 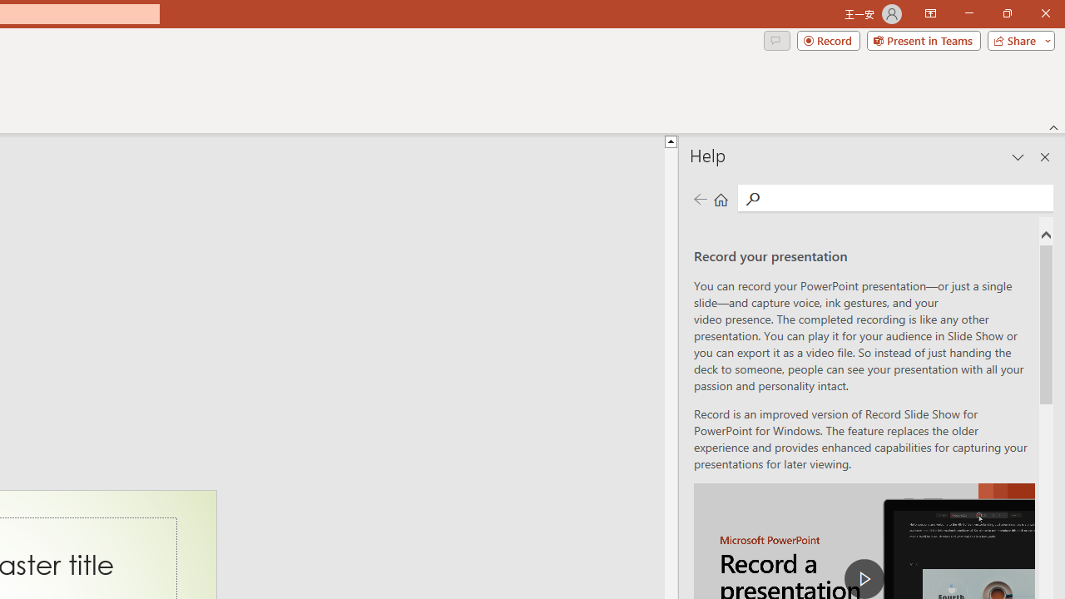 What do you see at coordinates (700, 198) in the screenshot?
I see `'Previous page'` at bounding box center [700, 198].